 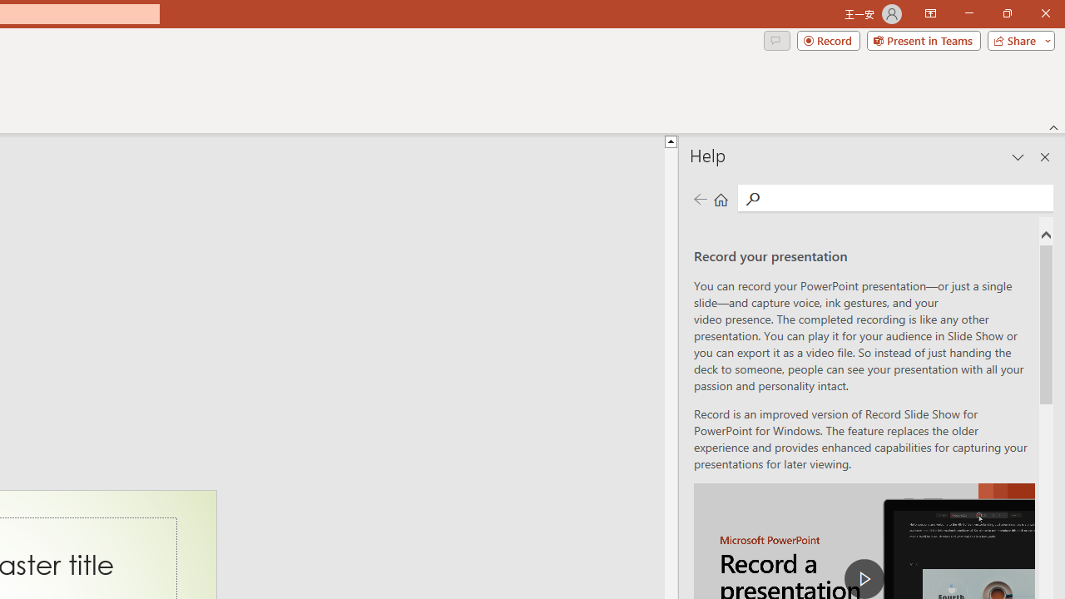 What do you see at coordinates (700, 198) in the screenshot?
I see `'Previous page'` at bounding box center [700, 198].